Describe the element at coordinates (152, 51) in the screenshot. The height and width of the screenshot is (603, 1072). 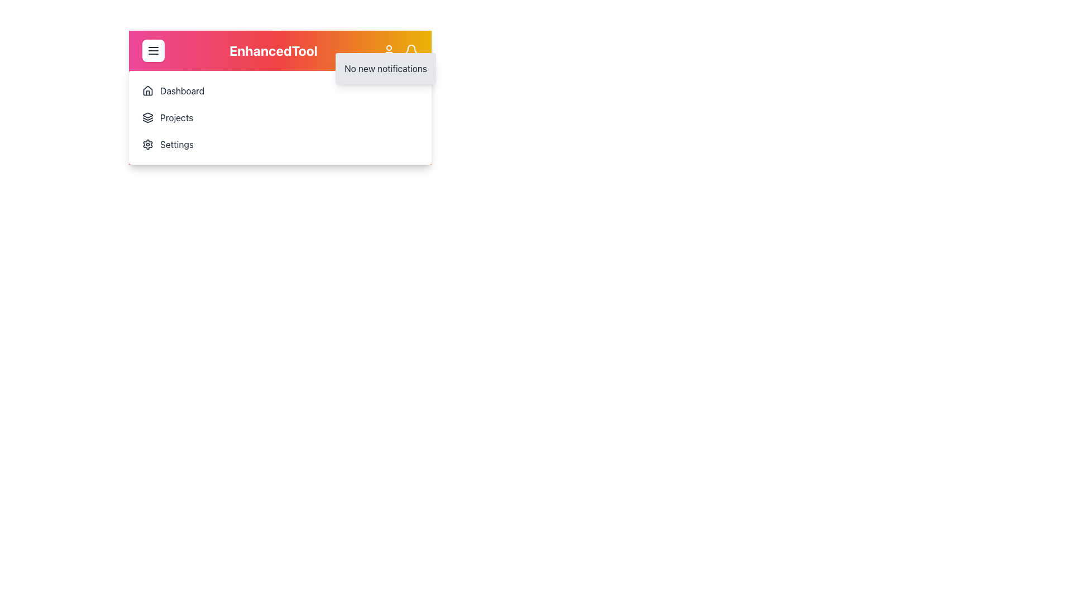
I see `the hamburger menu button located at the far left of the header section` at that location.